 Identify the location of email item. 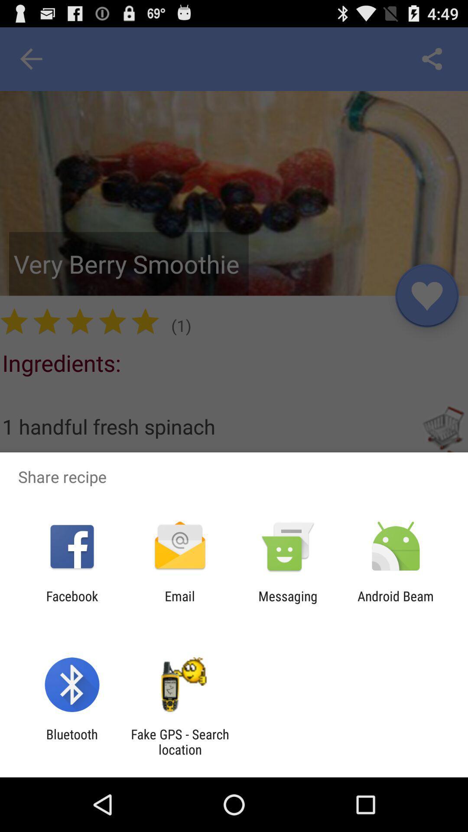
(179, 603).